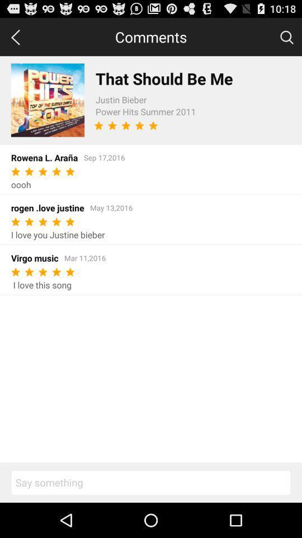  I want to click on to search, so click(286, 36).